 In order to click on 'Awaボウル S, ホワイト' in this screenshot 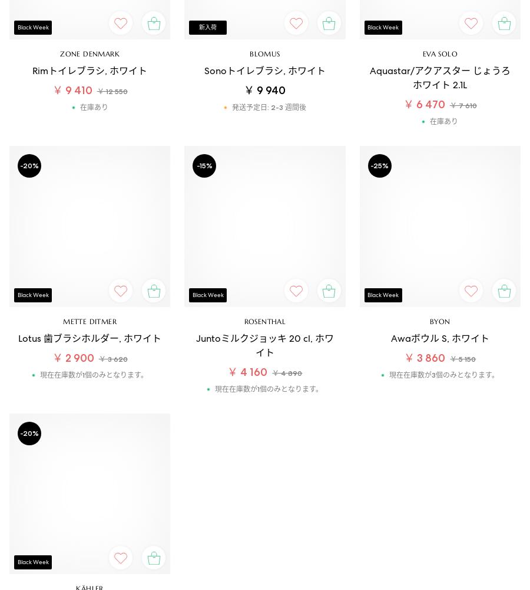, I will do `click(439, 337)`.